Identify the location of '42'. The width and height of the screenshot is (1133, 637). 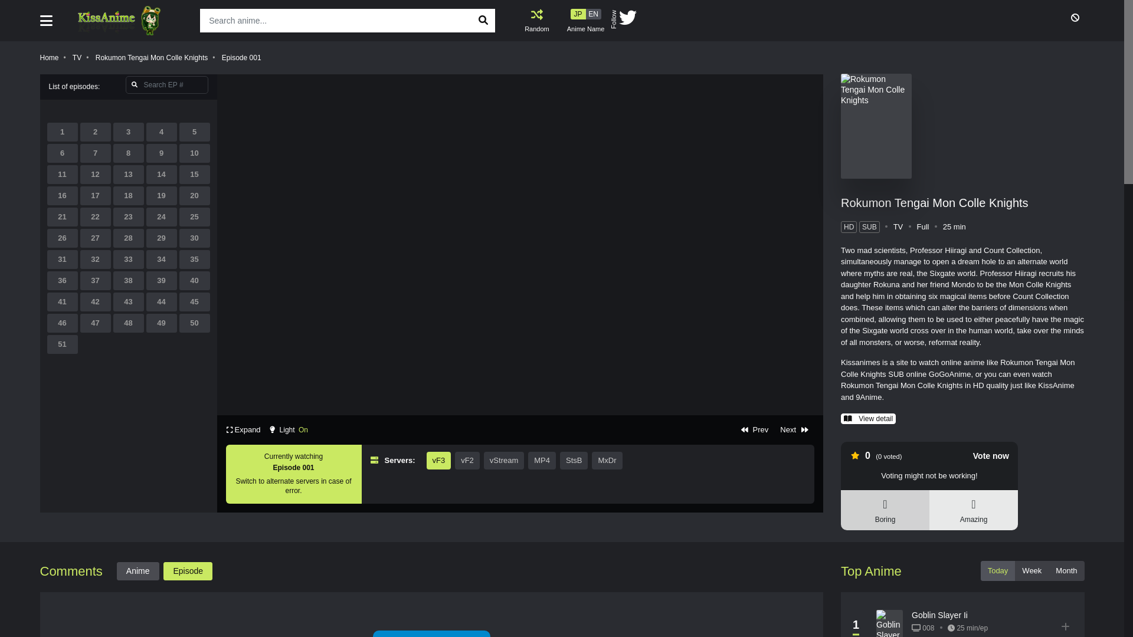
(96, 301).